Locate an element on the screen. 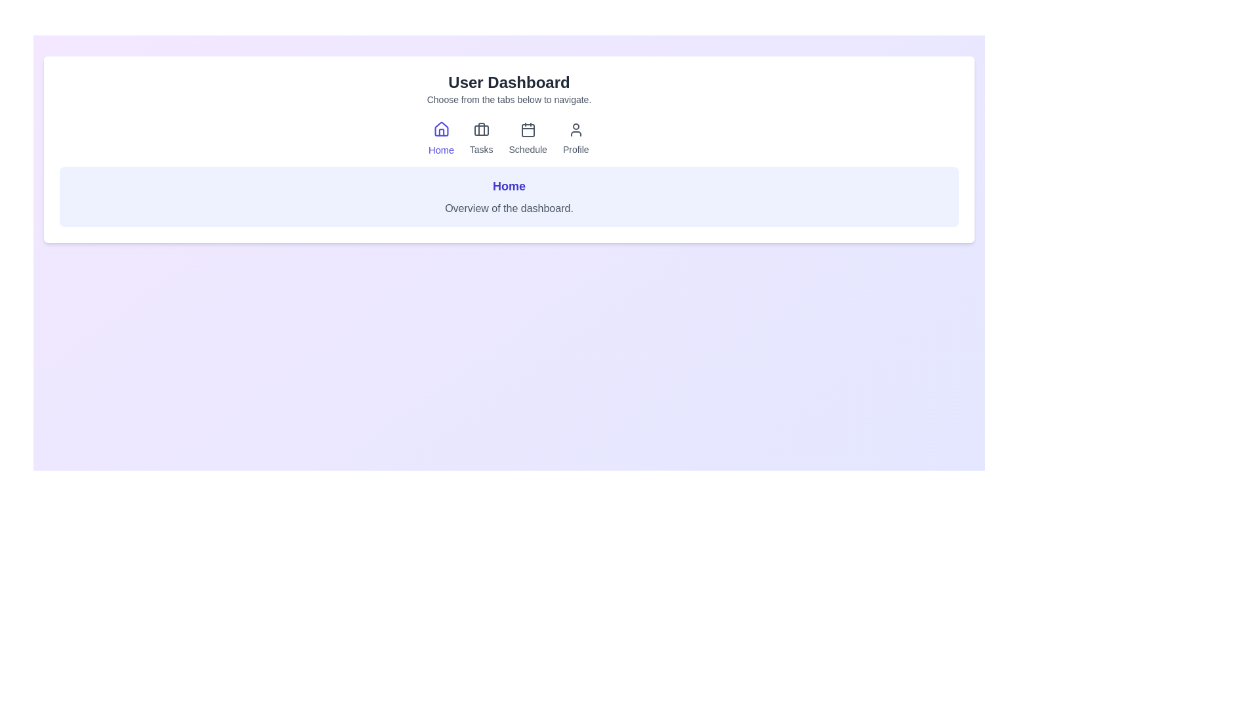 The height and width of the screenshot is (709, 1260). the Navigation menu tabs located centrally in the User Dashboard is located at coordinates (509, 139).